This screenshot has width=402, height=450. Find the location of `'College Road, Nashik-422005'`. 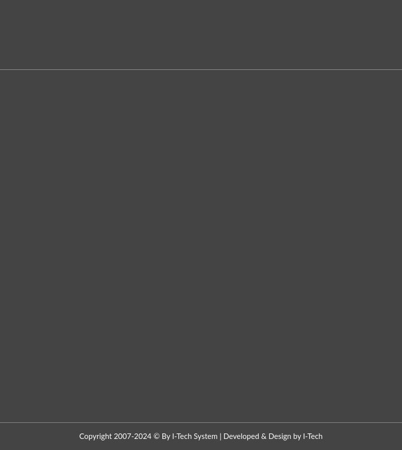

'College Road, Nashik-422005' is located at coordinates (69, 74).